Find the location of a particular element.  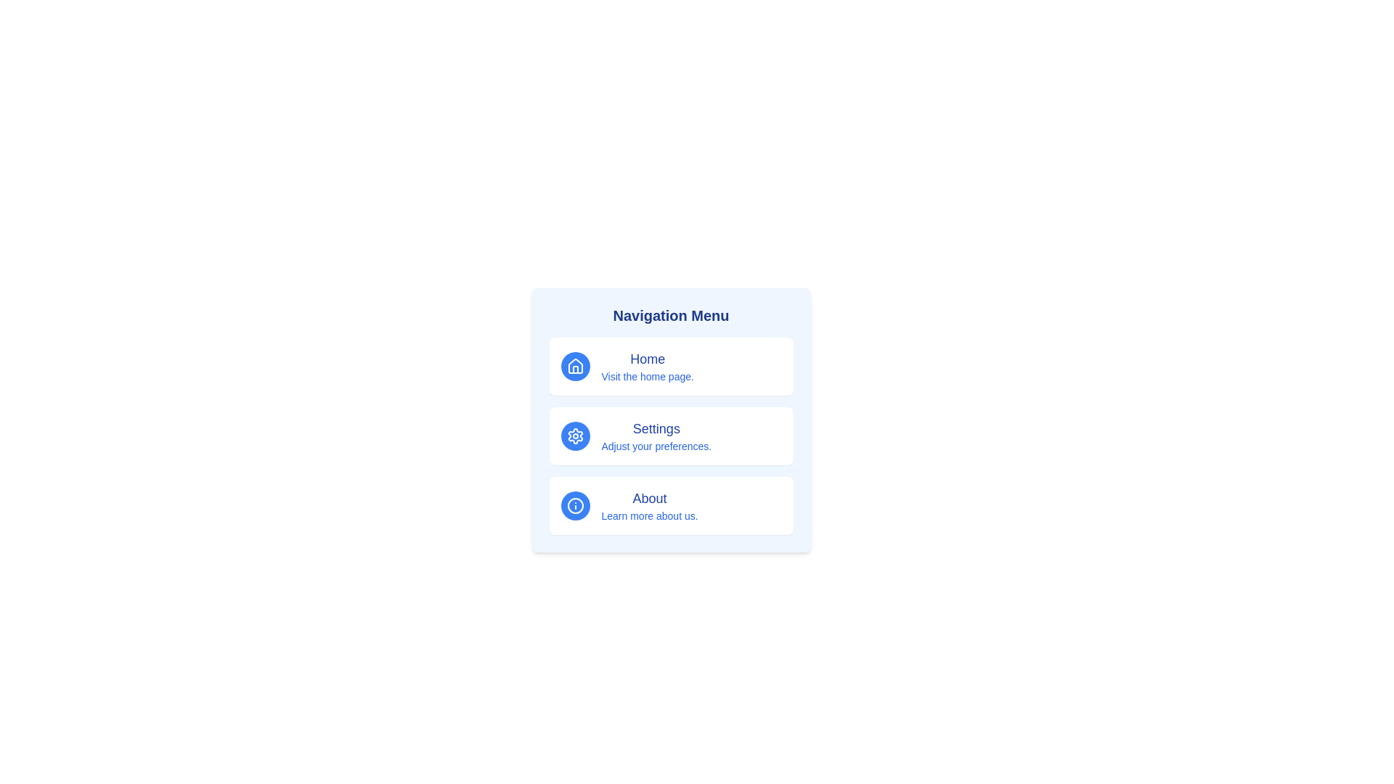

the settings icon button located to the left of the 'Settings' text and 'Adjust your preferences.' subtitle is located at coordinates (574, 436).